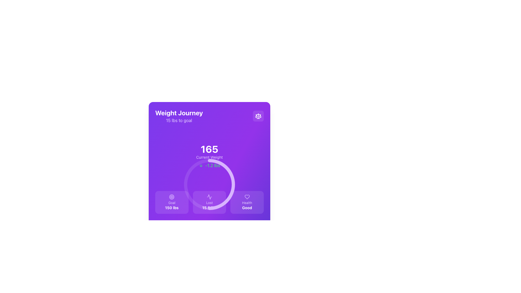  Describe the element at coordinates (209, 208) in the screenshot. I see `text content of the label displaying '15.0 lbs', which is located in the card below the 'Lost' label, within a purple-themed background` at that location.